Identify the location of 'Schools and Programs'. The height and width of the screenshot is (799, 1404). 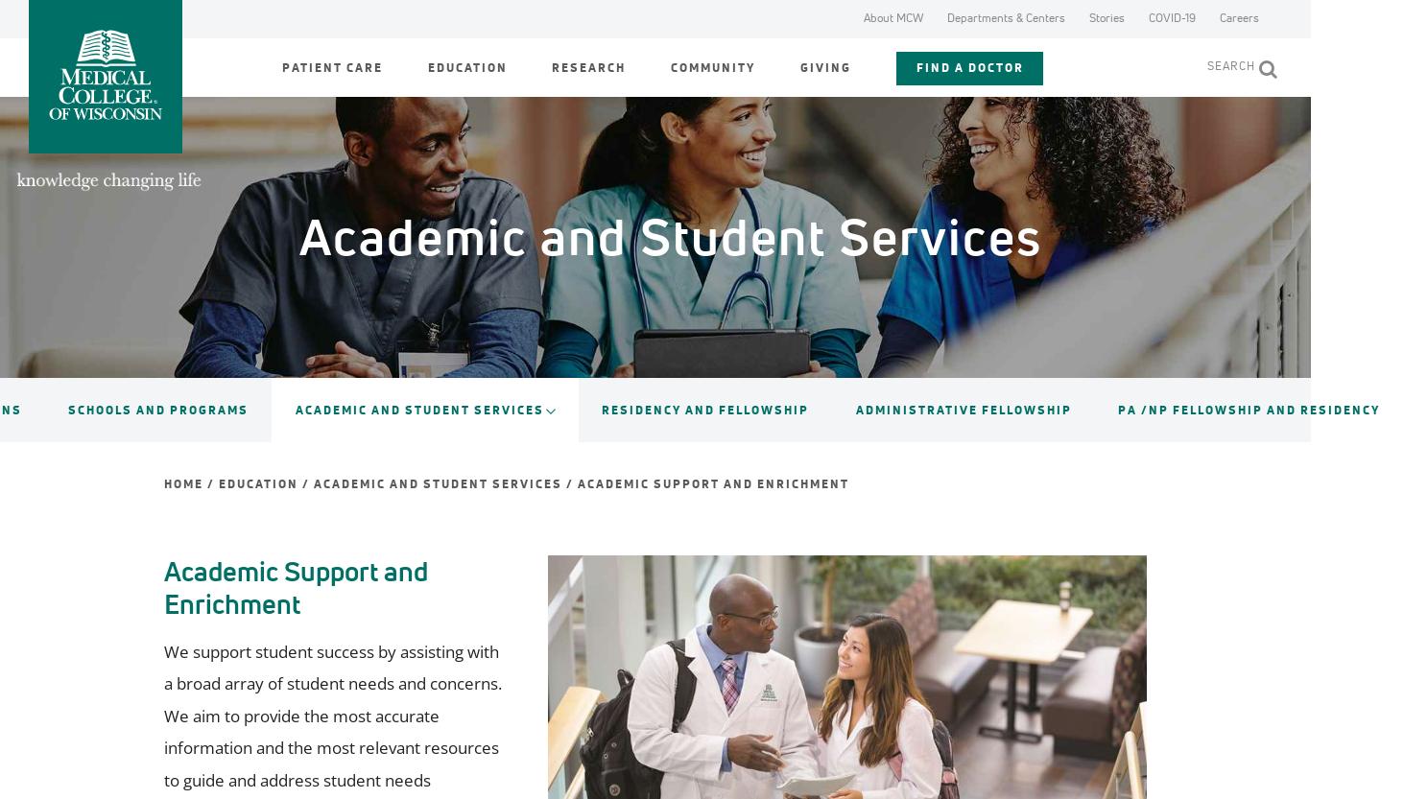
(158, 408).